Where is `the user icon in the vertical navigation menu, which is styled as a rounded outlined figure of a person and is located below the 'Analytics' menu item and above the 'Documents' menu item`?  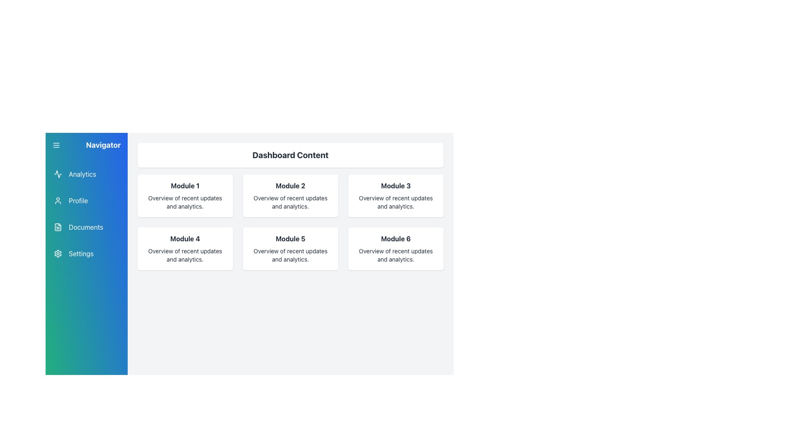 the user icon in the vertical navigation menu, which is styled as a rounded outlined figure of a person and is located below the 'Analytics' menu item and above the 'Documents' menu item is located at coordinates (57, 201).